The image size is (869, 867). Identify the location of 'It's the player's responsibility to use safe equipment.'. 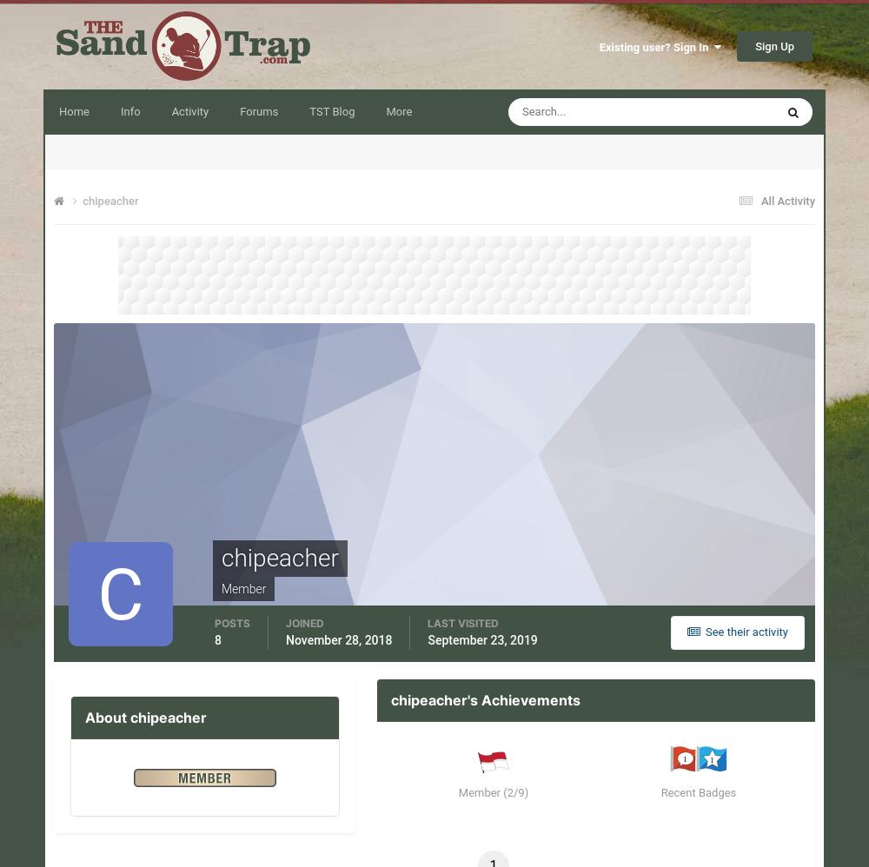
(442, 768).